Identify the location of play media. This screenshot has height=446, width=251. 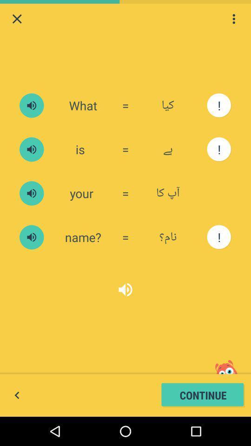
(31, 149).